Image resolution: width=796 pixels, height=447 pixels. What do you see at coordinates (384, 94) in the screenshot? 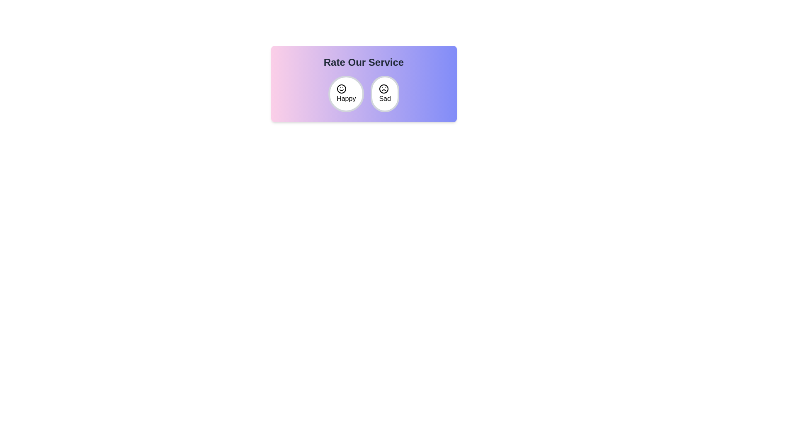
I see `the emoji Sad to observe the hover effect` at bounding box center [384, 94].